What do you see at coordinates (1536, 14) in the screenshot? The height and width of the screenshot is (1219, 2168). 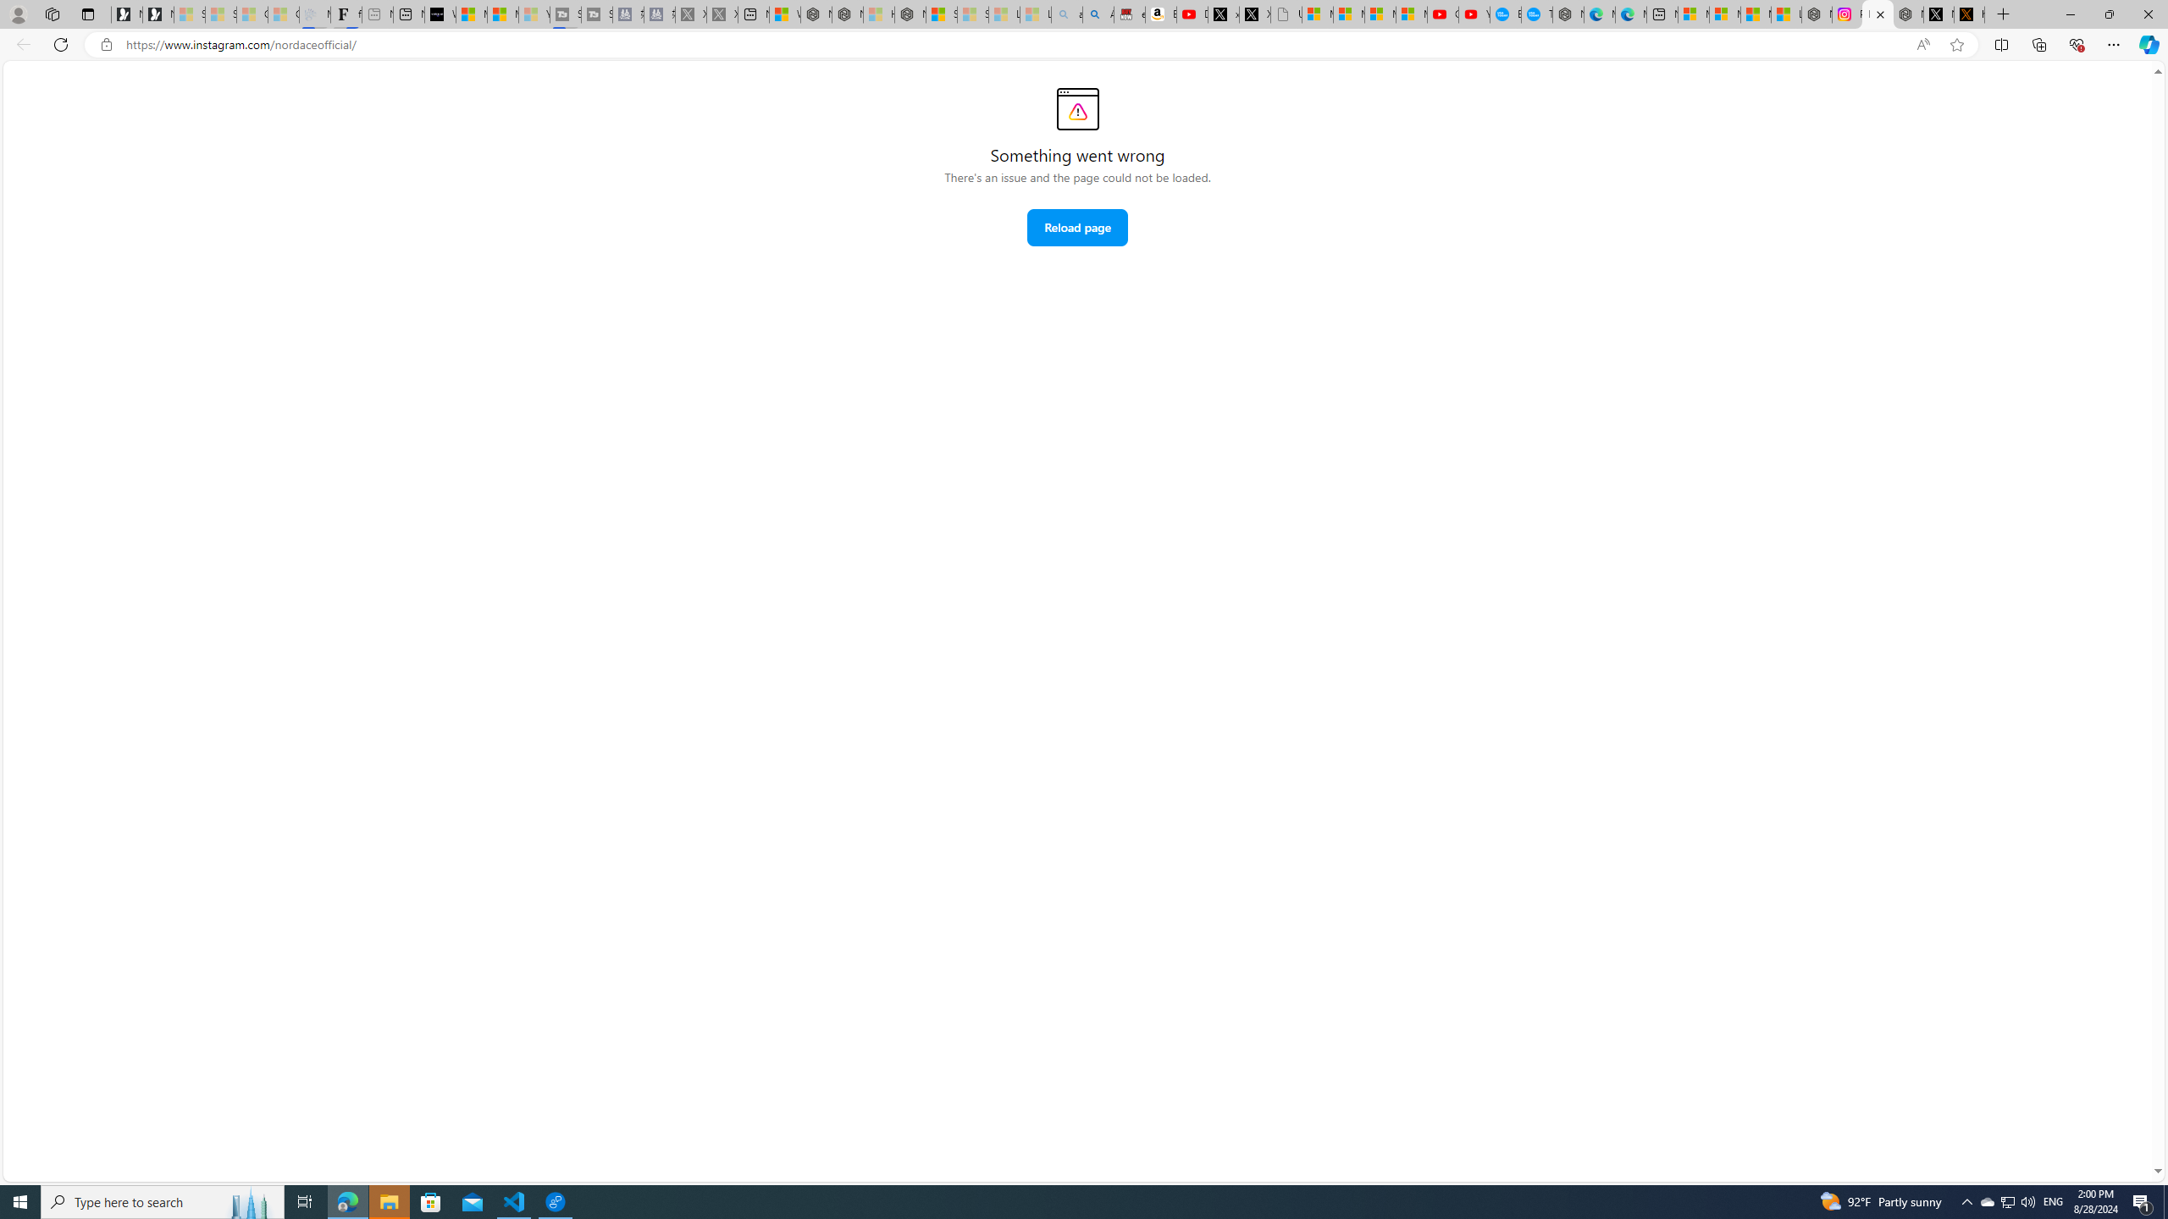 I see `'The most popular Google '` at bounding box center [1536, 14].